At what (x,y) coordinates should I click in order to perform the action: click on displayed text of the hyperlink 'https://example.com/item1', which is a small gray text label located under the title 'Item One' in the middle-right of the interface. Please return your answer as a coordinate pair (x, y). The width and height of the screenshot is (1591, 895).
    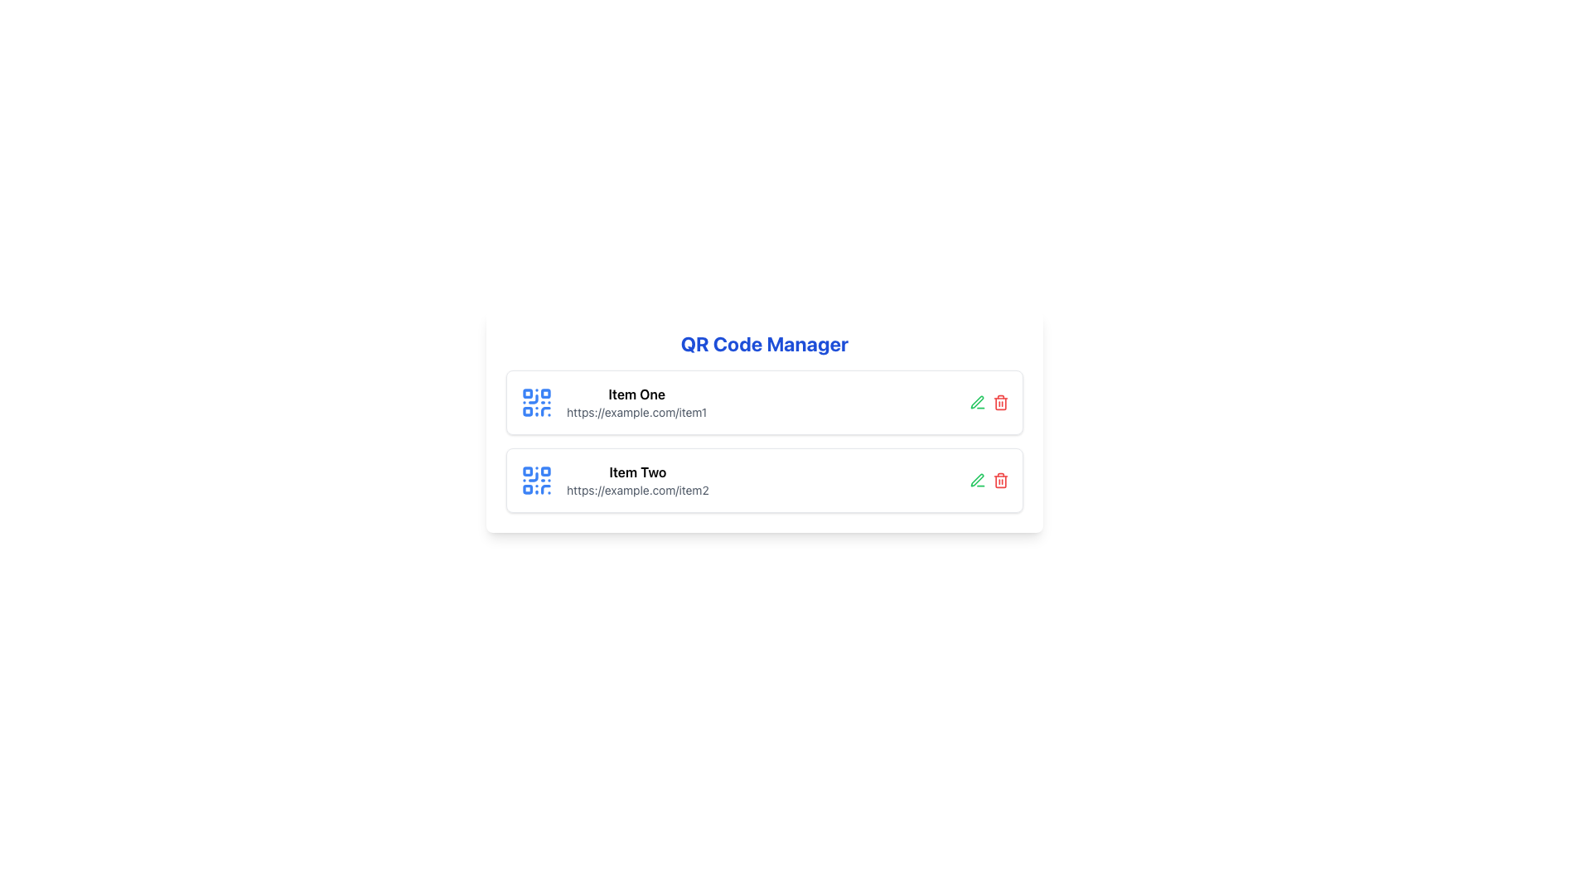
    Looking at the image, I should click on (636, 411).